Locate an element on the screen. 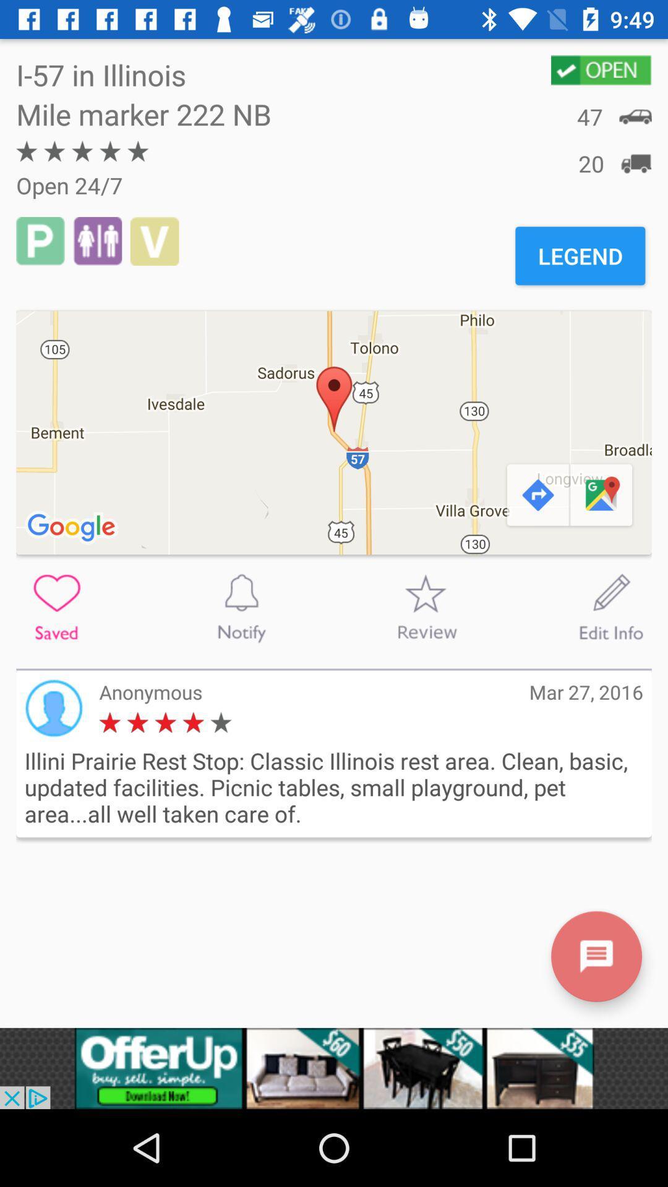 The width and height of the screenshot is (668, 1187). to notify is located at coordinates (241, 607).